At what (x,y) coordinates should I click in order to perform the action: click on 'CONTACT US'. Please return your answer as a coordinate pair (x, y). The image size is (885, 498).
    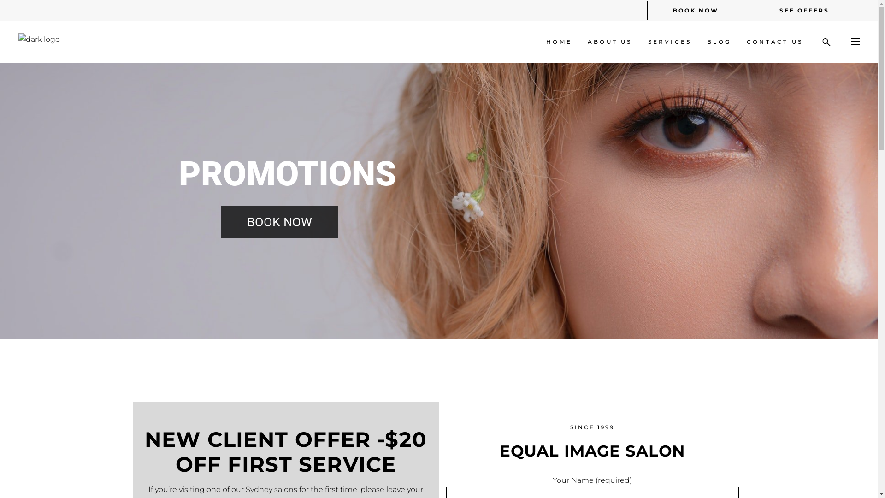
    Looking at the image, I should click on (774, 42).